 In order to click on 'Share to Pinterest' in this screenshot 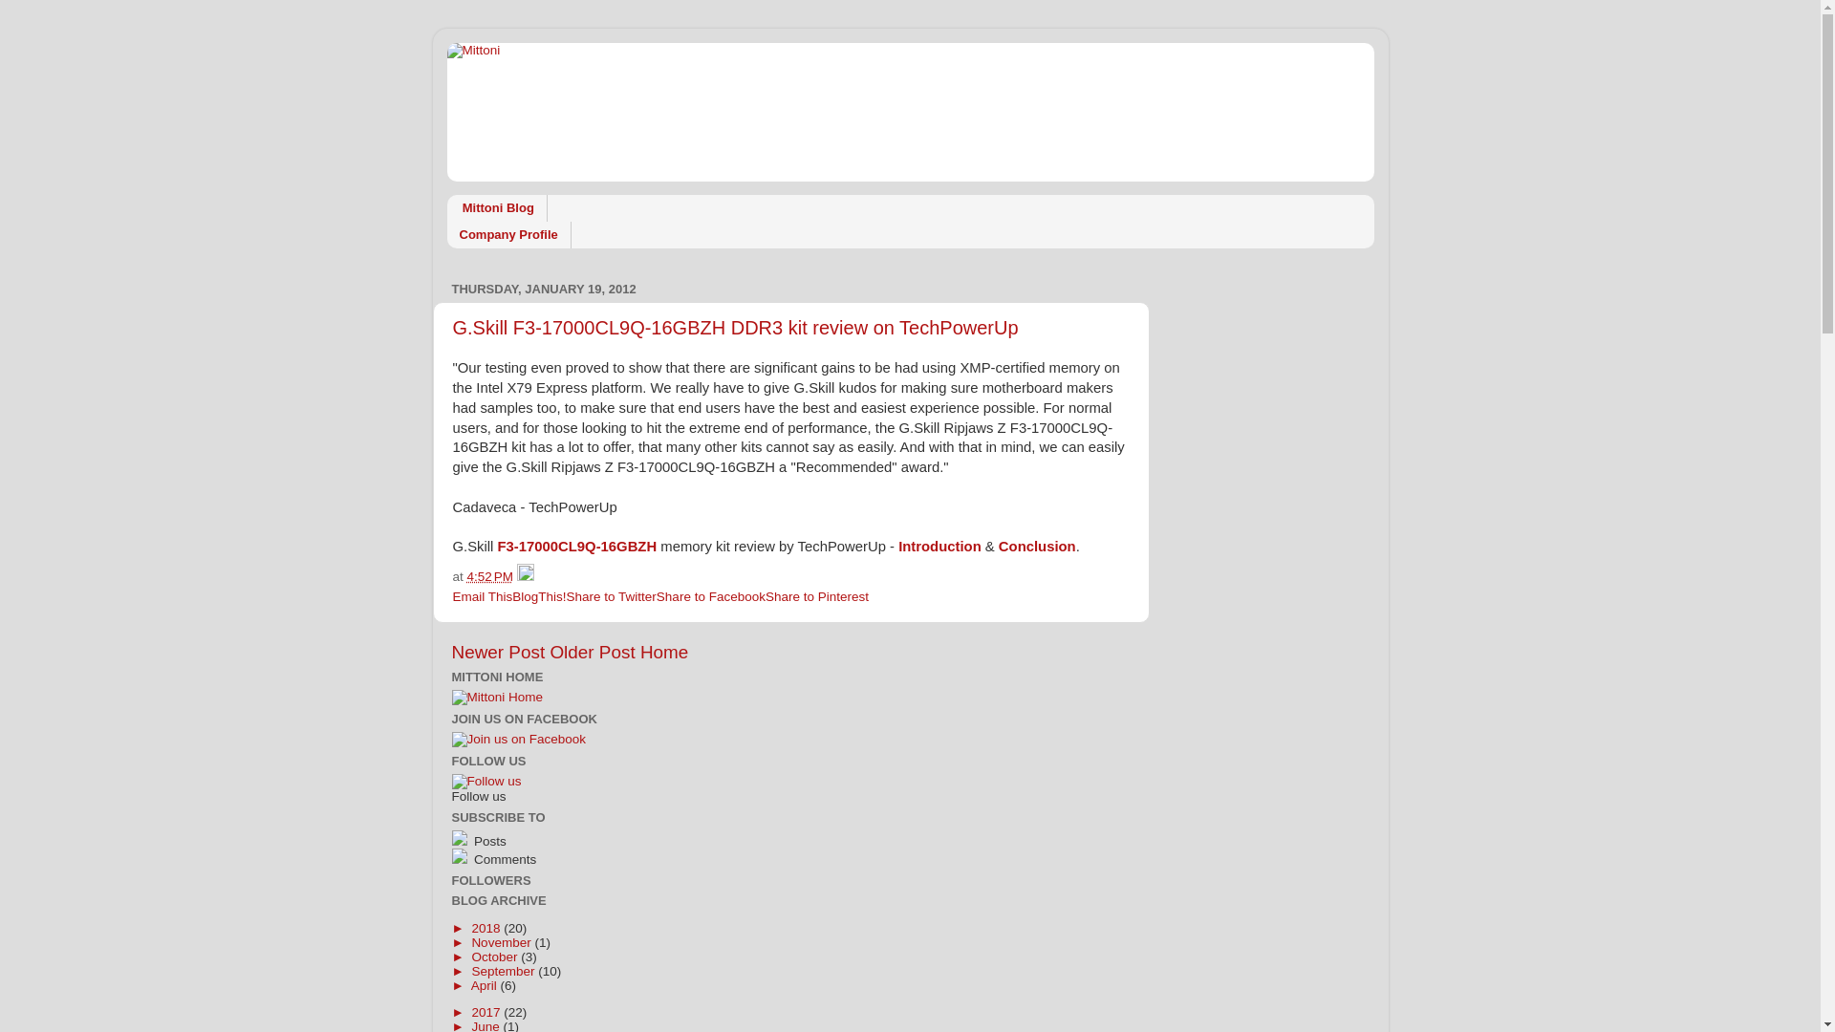, I will do `click(816, 595)`.